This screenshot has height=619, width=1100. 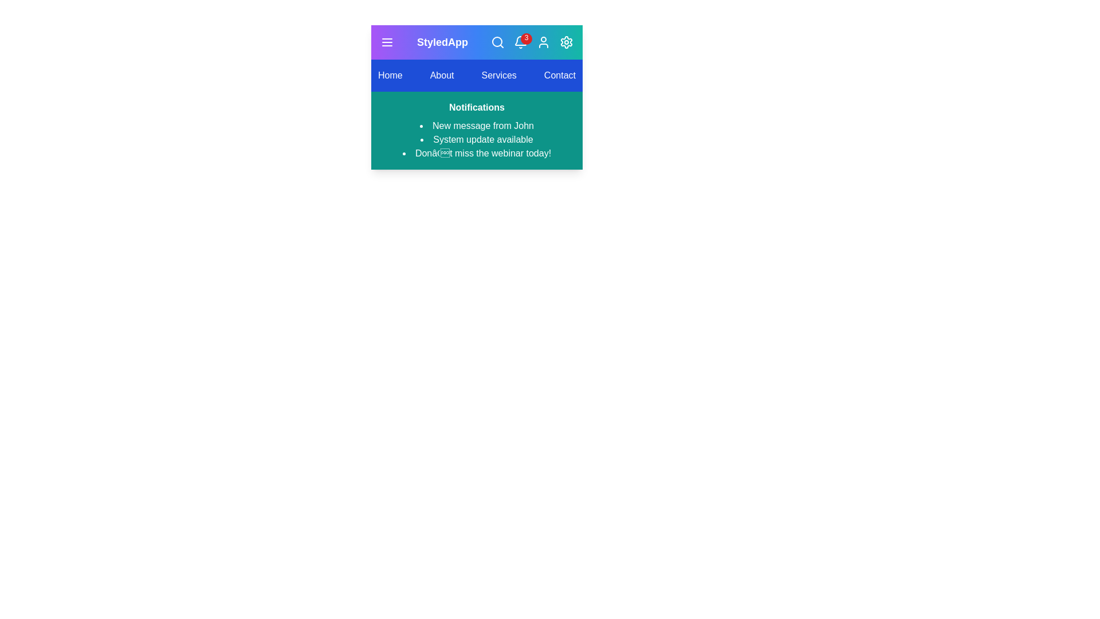 What do you see at coordinates (442, 41) in the screenshot?
I see `the 'StyledApp' text label displayed in bold within the header section of the interface, which has a gradient background from purple to blue` at bounding box center [442, 41].